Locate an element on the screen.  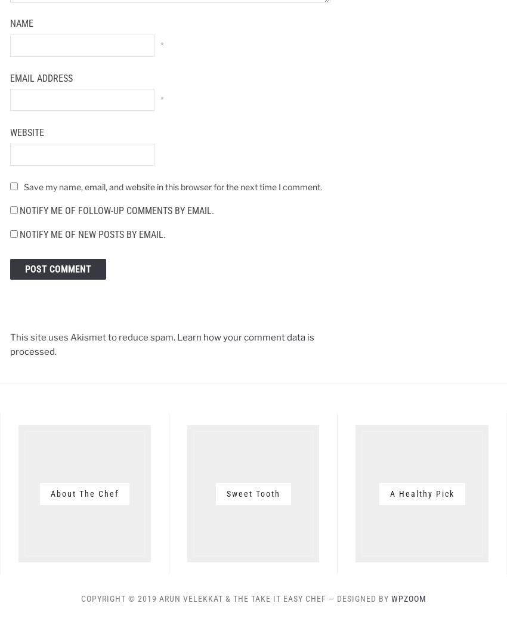
'Notify me of follow-up comments by email.' is located at coordinates (116, 209).